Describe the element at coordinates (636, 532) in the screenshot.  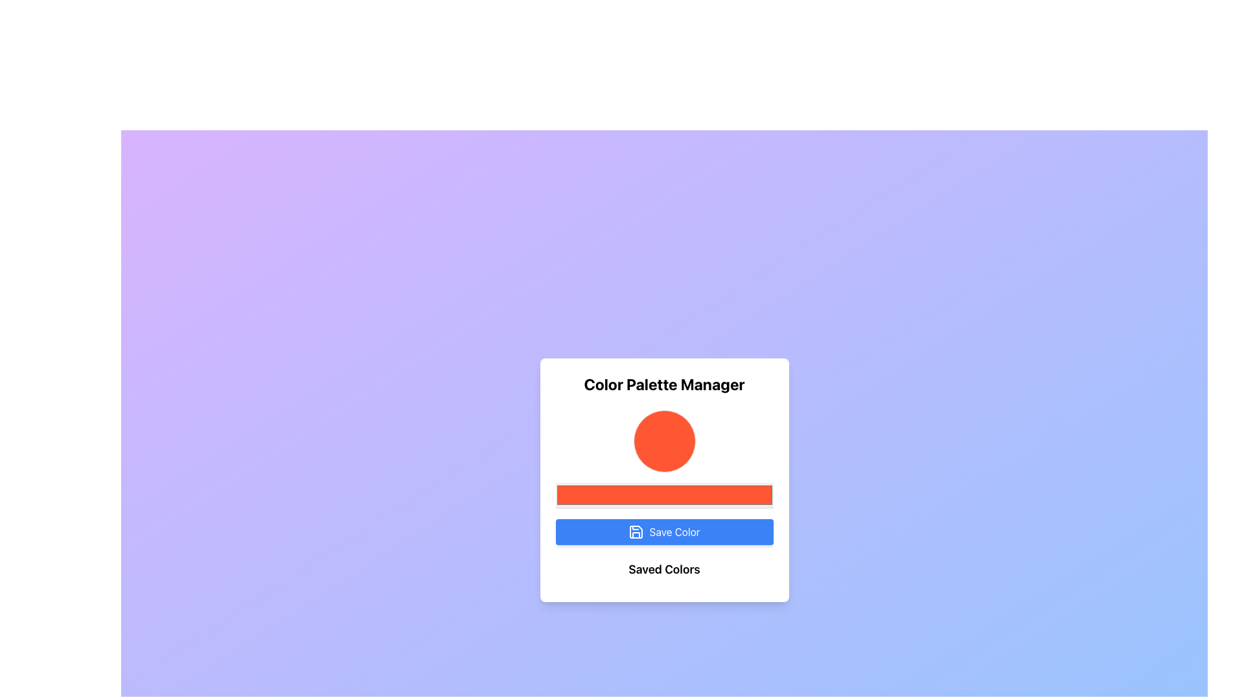
I see `the stylized save icon located within the blue 'Save Color' button to interact with it` at that location.